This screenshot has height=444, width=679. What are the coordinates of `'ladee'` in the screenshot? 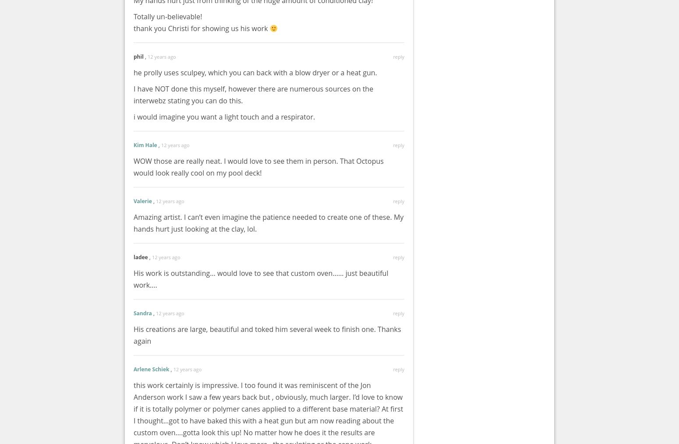 It's located at (140, 257).